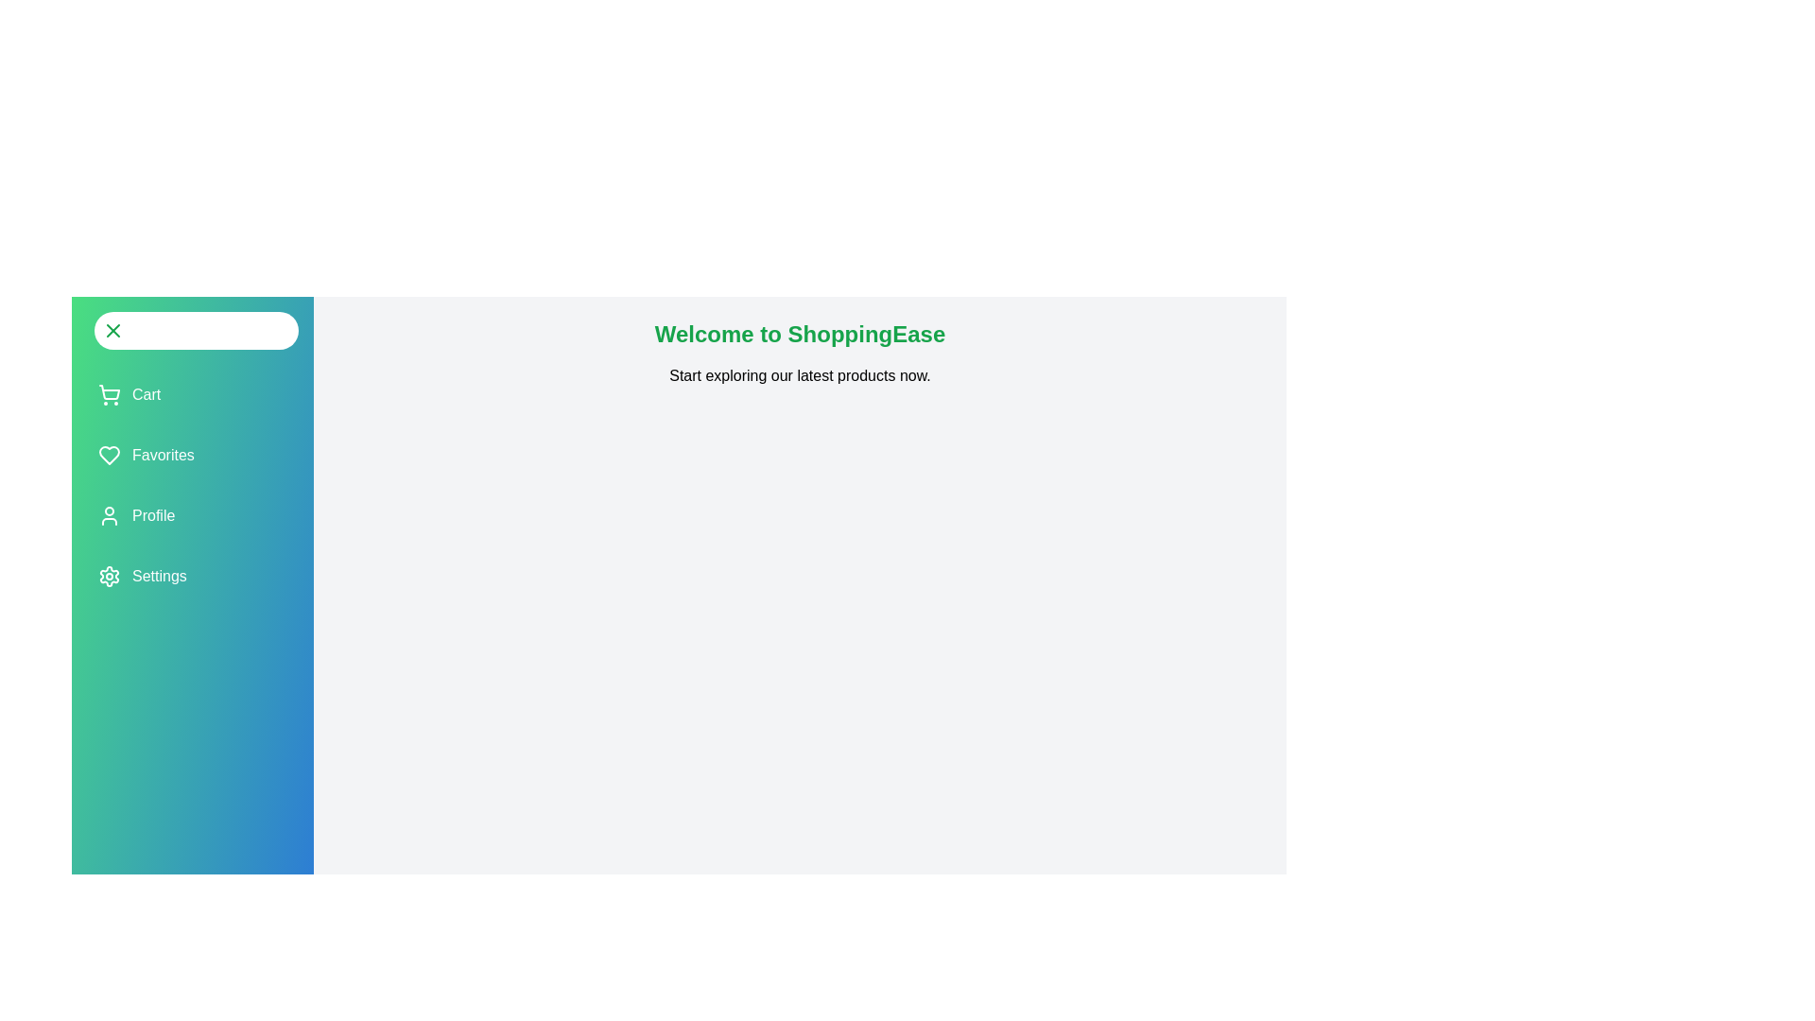 The height and width of the screenshot is (1021, 1815). What do you see at coordinates (196, 330) in the screenshot?
I see `the toggle button to change the drawer's state` at bounding box center [196, 330].